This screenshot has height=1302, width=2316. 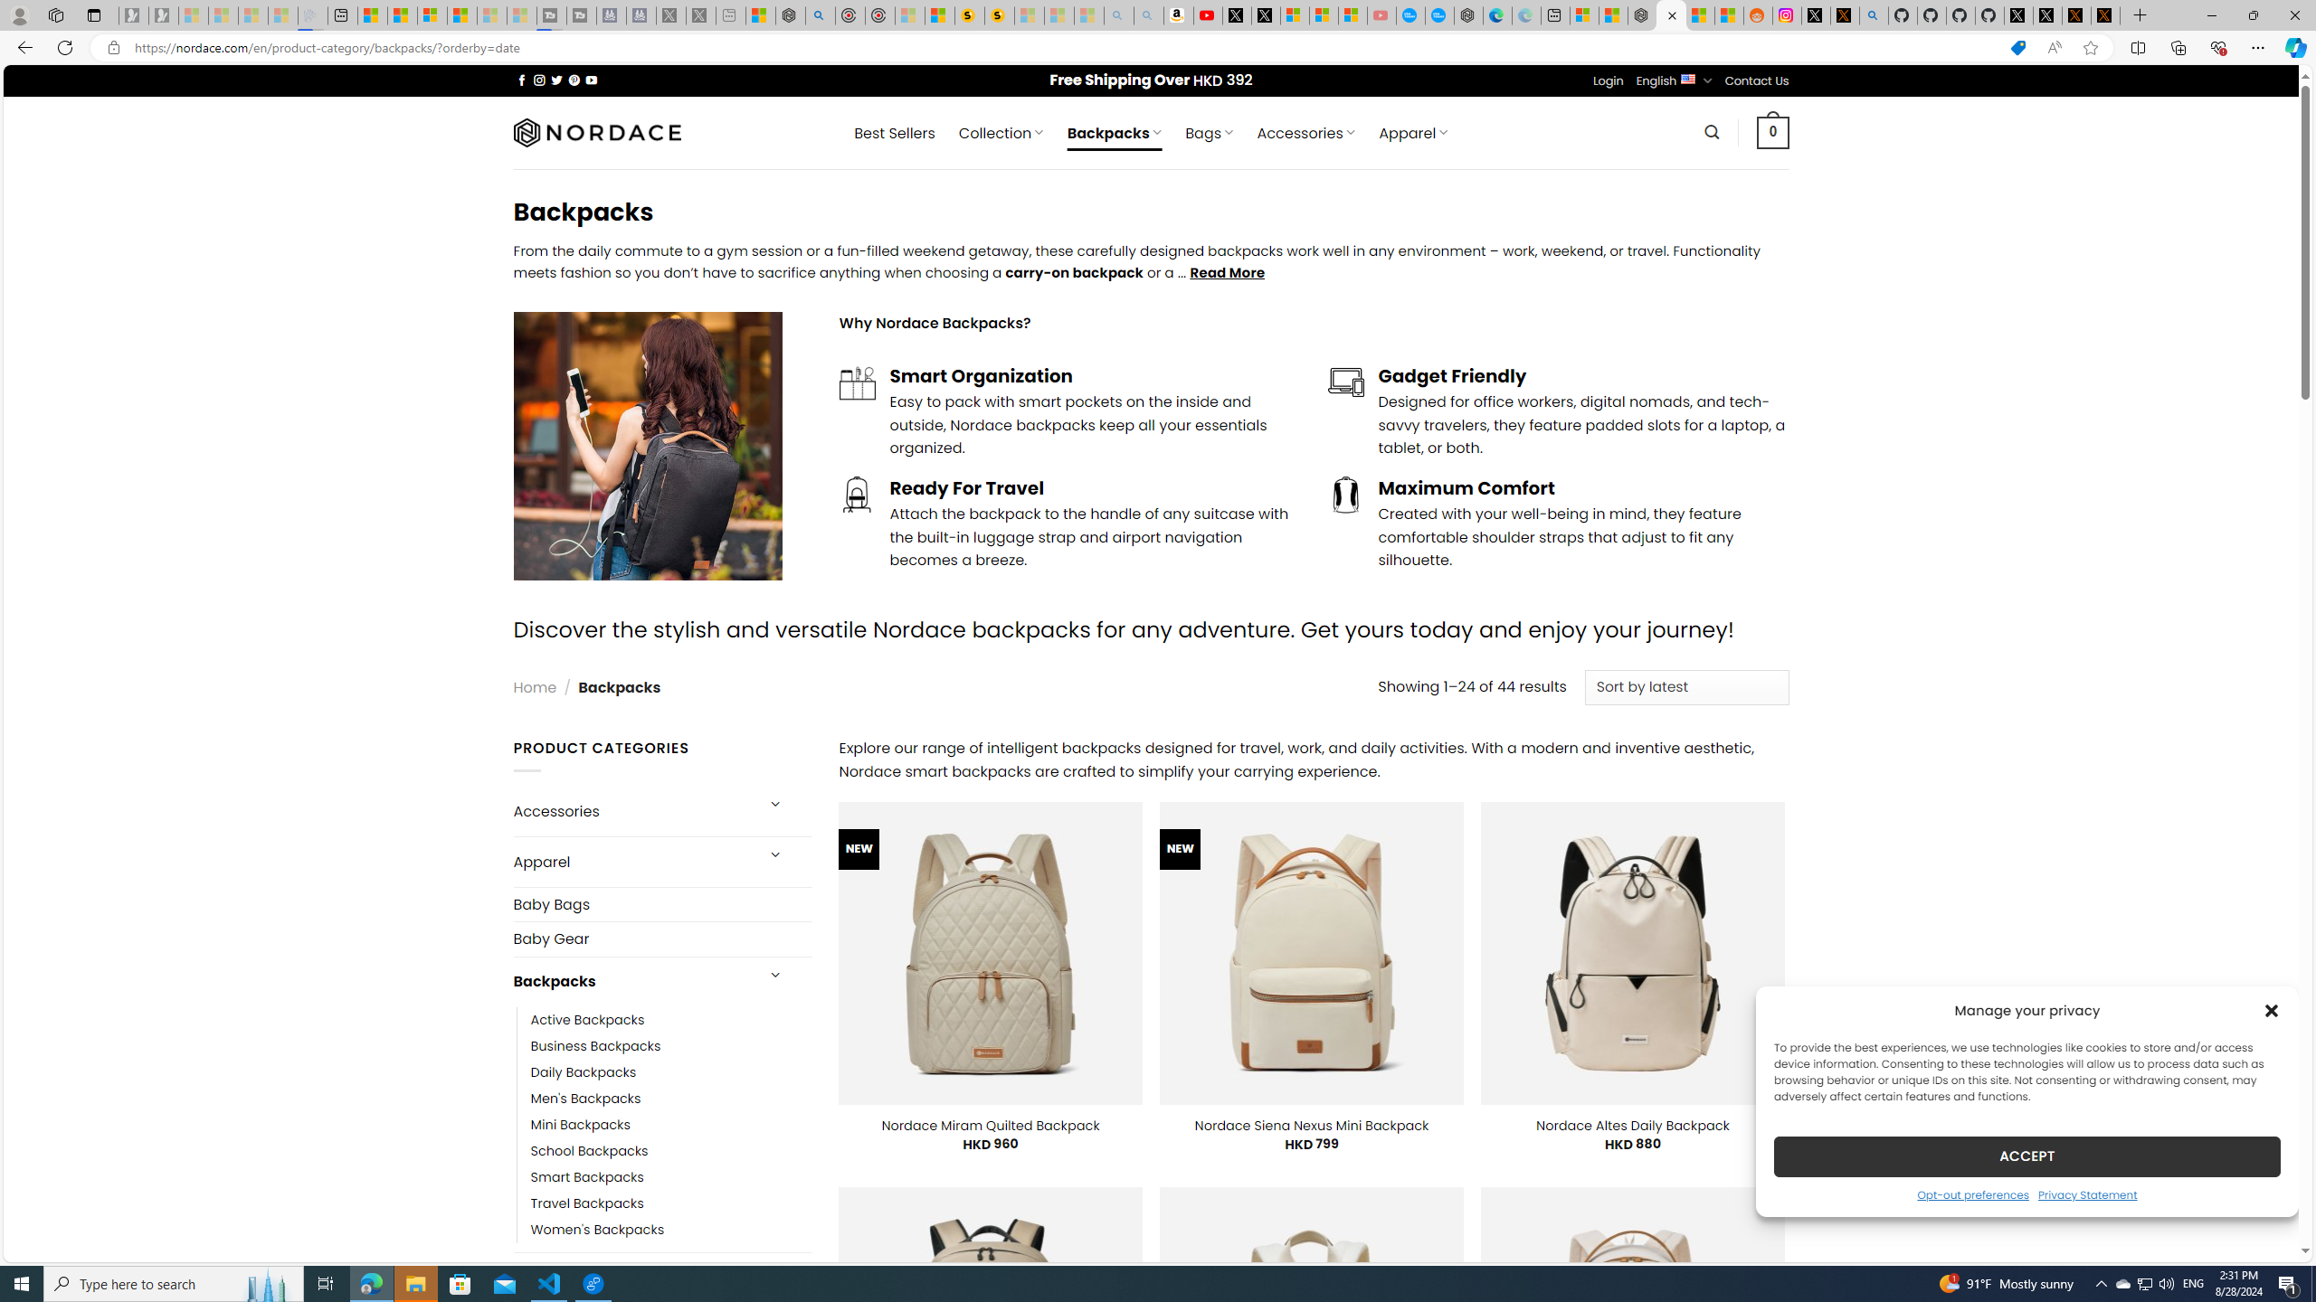 I want to click on 'Women', so click(x=670, y=1229).